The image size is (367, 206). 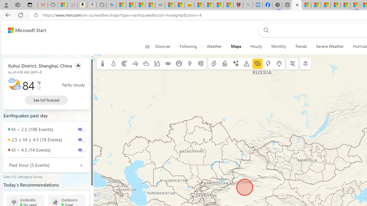 What do you see at coordinates (301, 46) in the screenshot?
I see `'Trends'` at bounding box center [301, 46].